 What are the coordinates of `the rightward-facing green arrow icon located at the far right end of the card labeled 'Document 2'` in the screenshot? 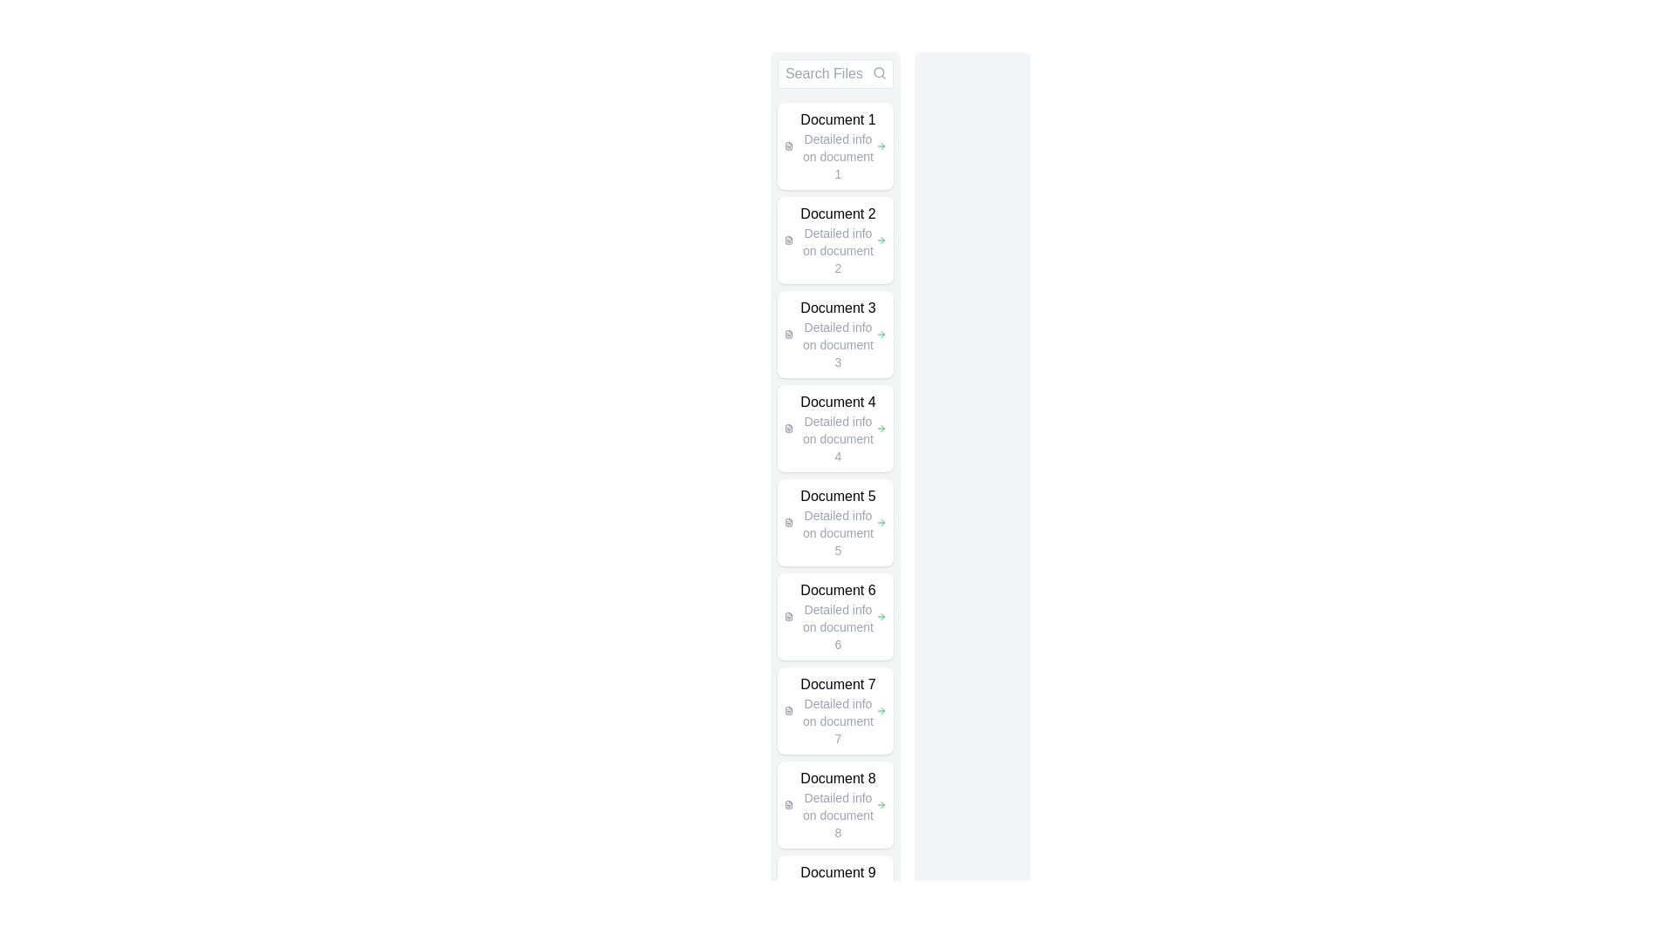 It's located at (881, 240).